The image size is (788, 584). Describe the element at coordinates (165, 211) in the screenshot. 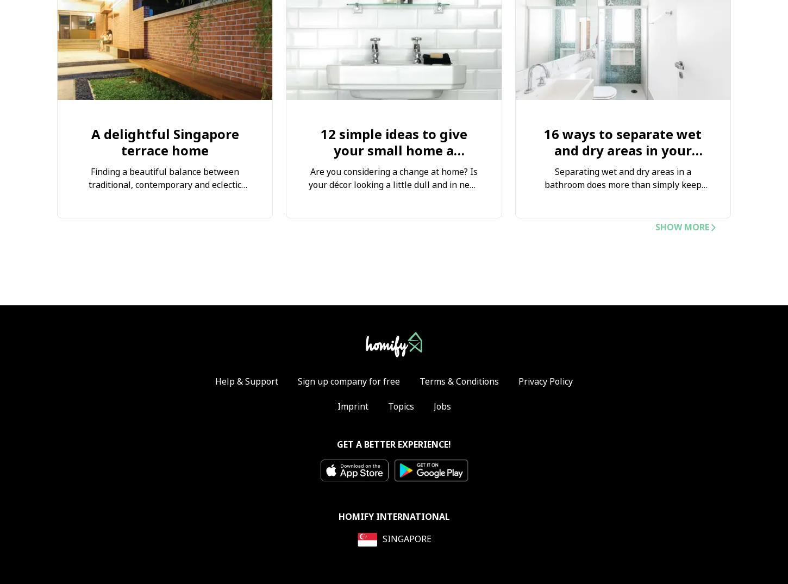

I see `'Finding a beautiful balance between traditional, contemporary and eclectic principles, this Singapore home boasts more than a few beautiful elements that we simply can't take our eyes off. Coming at a cost of S$550,000, the house designed and executed by'` at that location.